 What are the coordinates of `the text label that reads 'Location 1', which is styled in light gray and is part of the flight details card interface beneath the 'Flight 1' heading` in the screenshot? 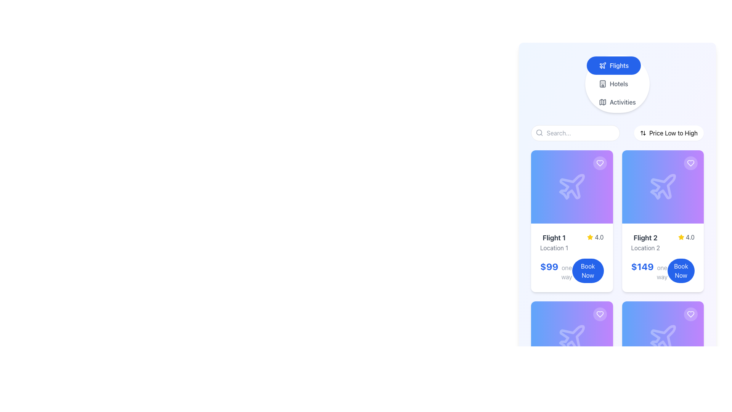 It's located at (554, 248).